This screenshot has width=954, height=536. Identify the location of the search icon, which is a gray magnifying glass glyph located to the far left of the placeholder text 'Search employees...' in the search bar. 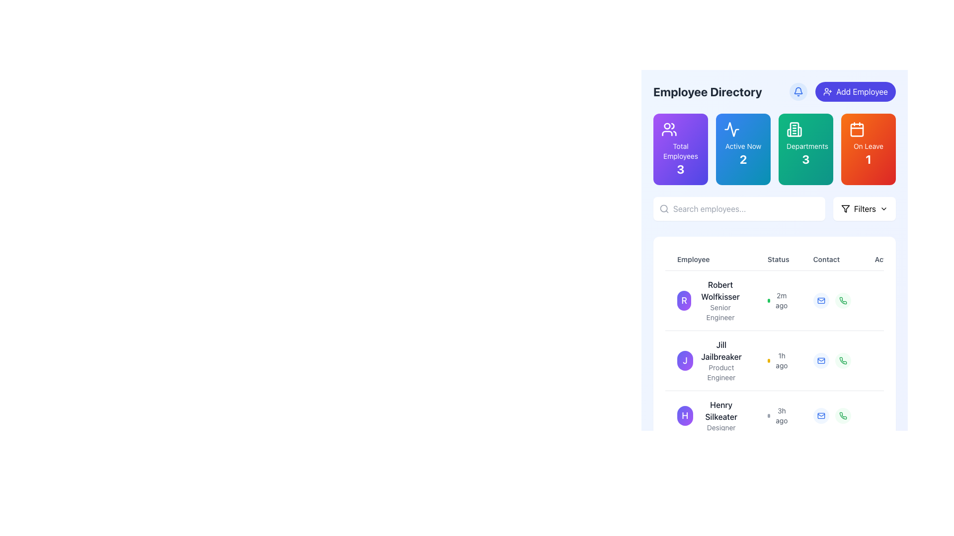
(664, 208).